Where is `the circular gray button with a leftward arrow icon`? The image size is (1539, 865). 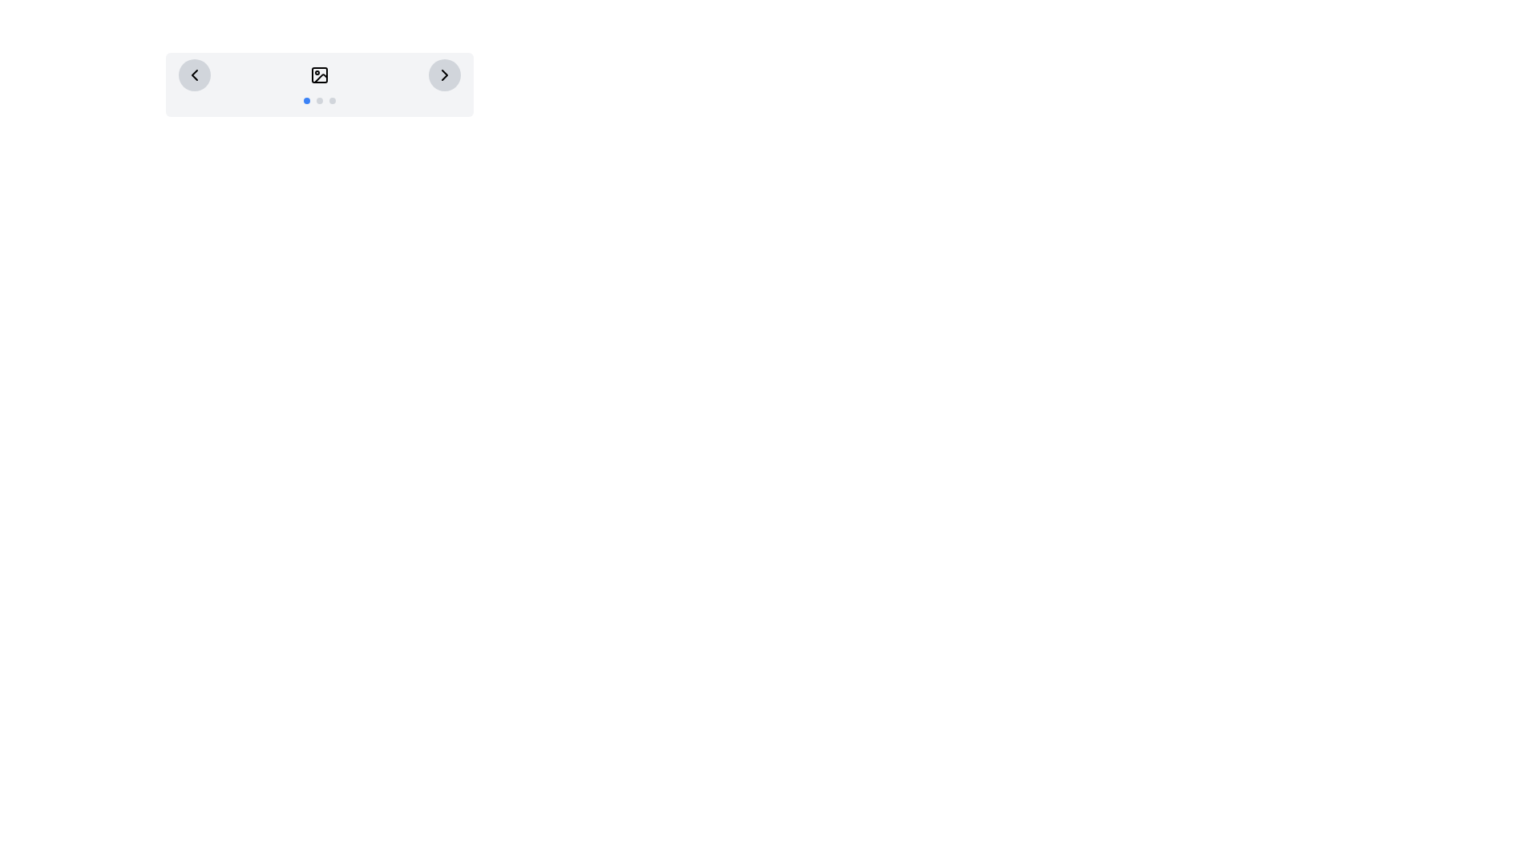 the circular gray button with a leftward arrow icon is located at coordinates (193, 74).